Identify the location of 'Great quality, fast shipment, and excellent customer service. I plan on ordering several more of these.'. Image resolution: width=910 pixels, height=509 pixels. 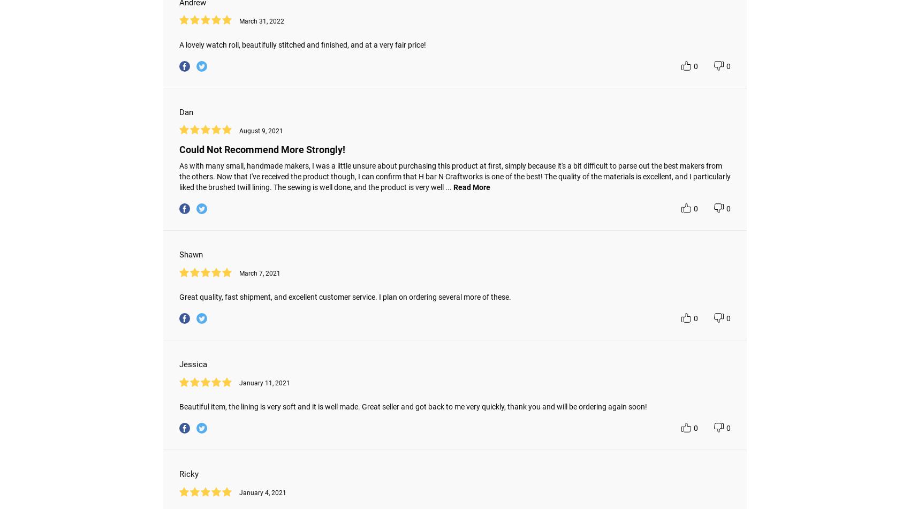
(345, 297).